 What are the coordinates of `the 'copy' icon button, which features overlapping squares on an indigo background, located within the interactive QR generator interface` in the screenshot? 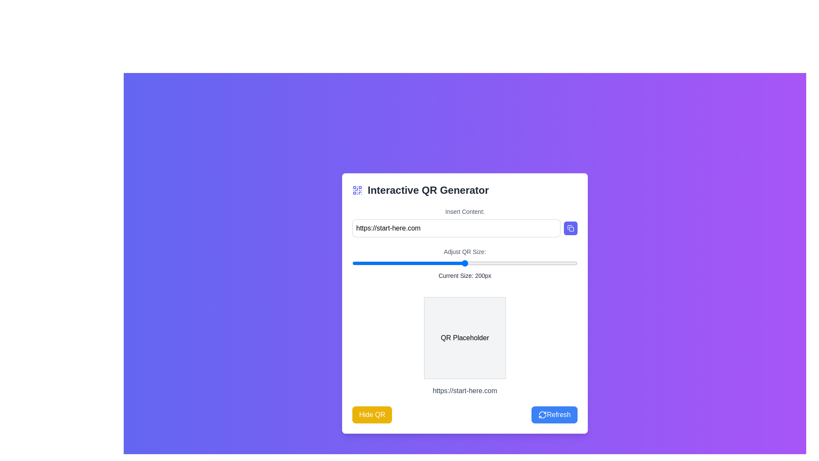 It's located at (571, 228).